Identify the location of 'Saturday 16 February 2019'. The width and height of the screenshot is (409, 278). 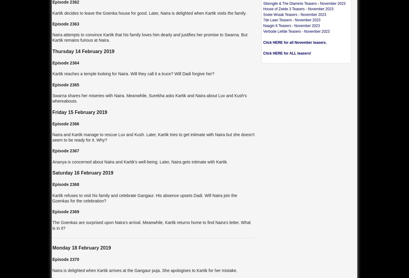
(83, 173).